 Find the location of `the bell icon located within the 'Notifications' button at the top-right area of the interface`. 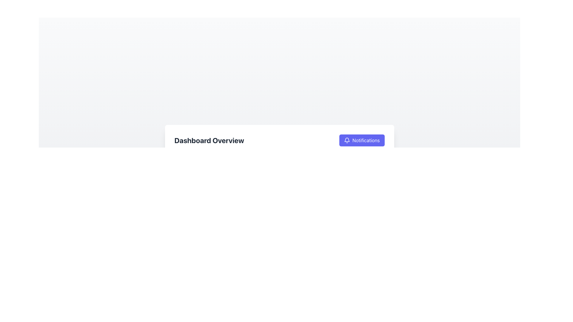

the bell icon located within the 'Notifications' button at the top-right area of the interface is located at coordinates (347, 140).